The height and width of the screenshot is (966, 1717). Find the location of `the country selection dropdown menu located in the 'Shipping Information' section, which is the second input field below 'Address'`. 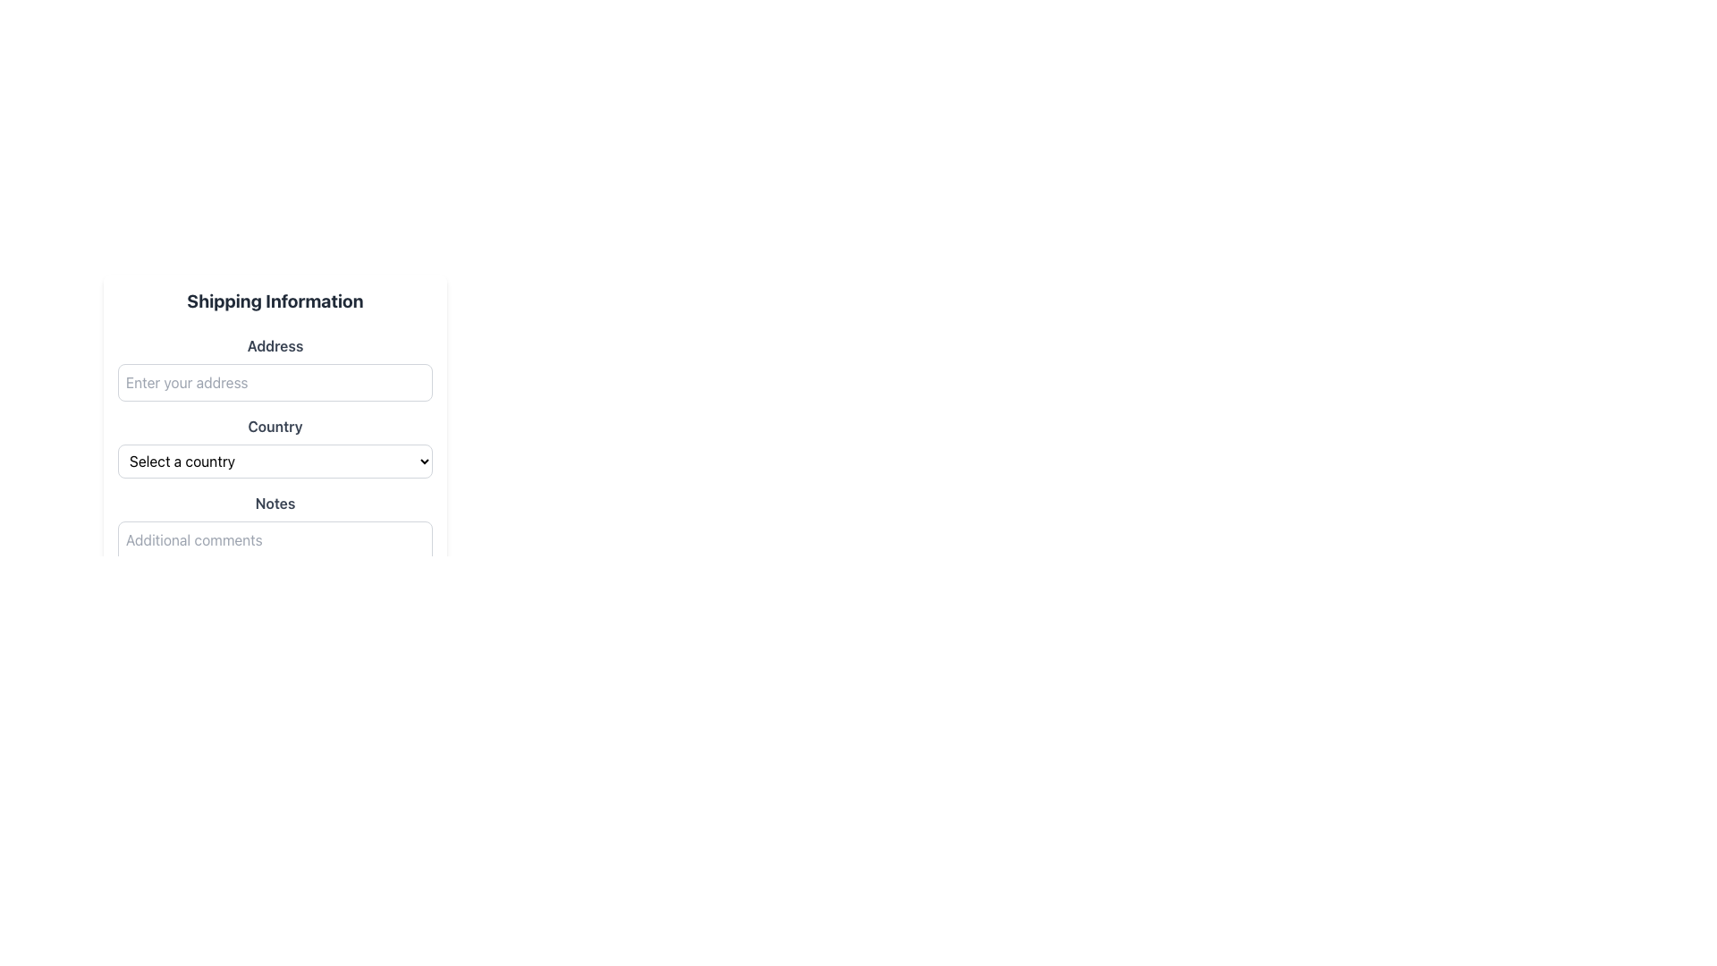

the country selection dropdown menu located in the 'Shipping Information' section, which is the second input field below 'Address' is located at coordinates (274, 457).